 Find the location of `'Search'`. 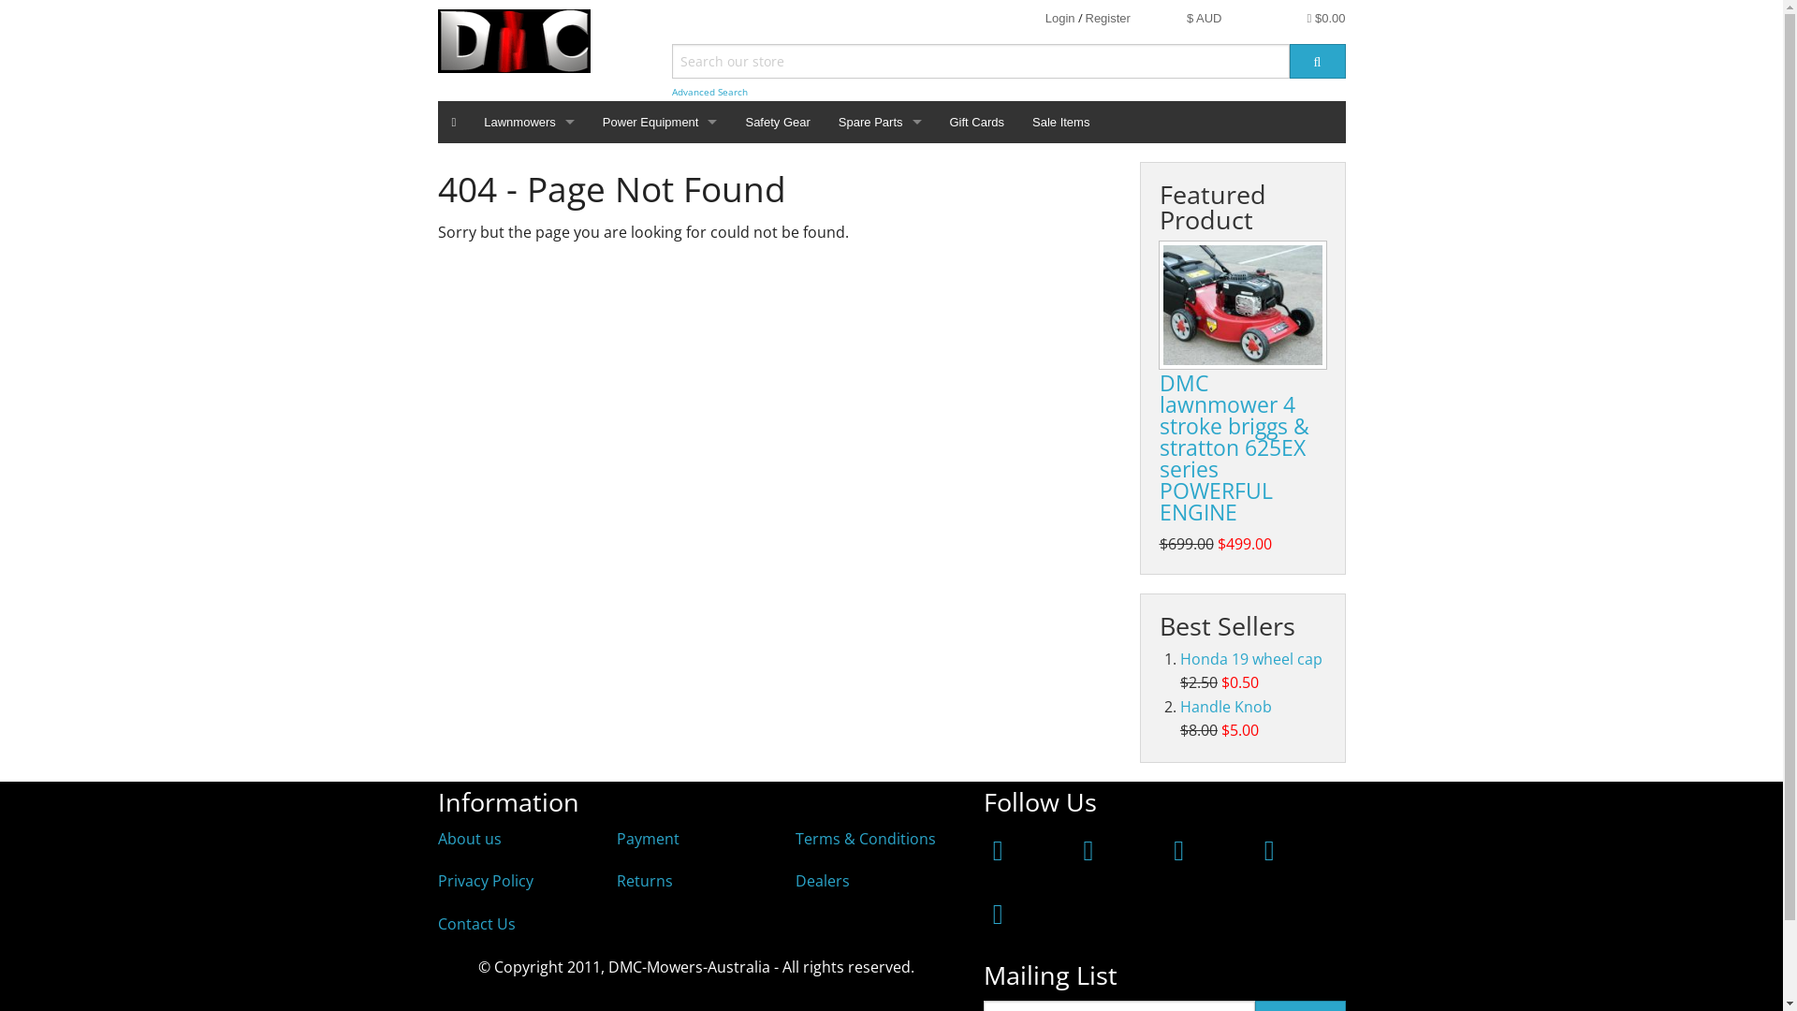

'Search' is located at coordinates (1288, 60).